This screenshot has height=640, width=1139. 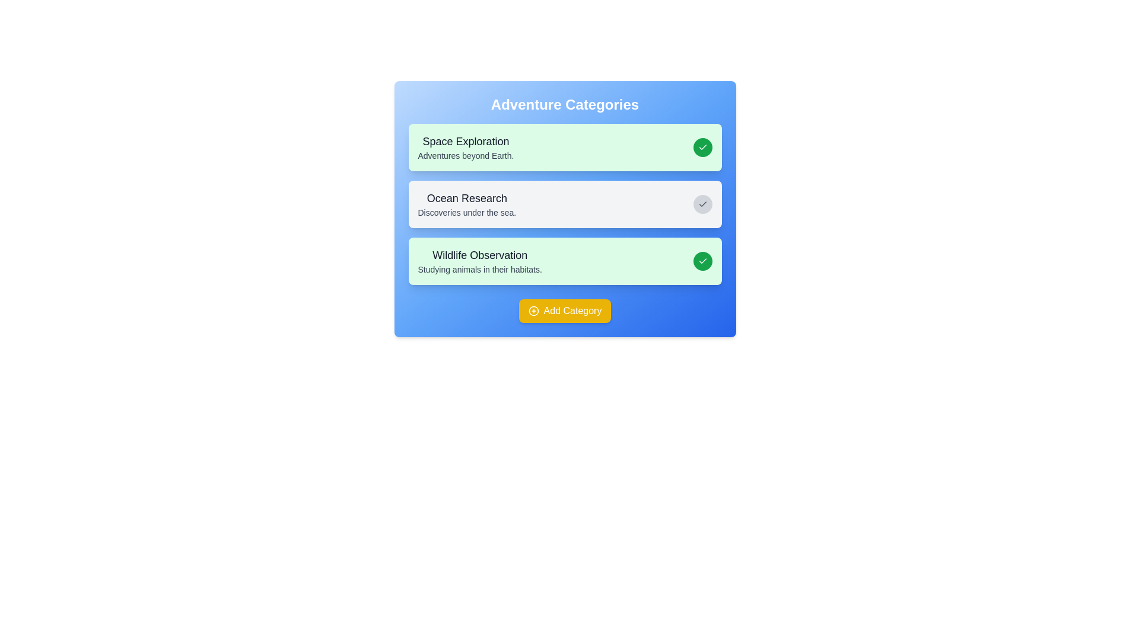 I want to click on the chip labeled Space Exploration by clicking its checkmark, so click(x=702, y=147).